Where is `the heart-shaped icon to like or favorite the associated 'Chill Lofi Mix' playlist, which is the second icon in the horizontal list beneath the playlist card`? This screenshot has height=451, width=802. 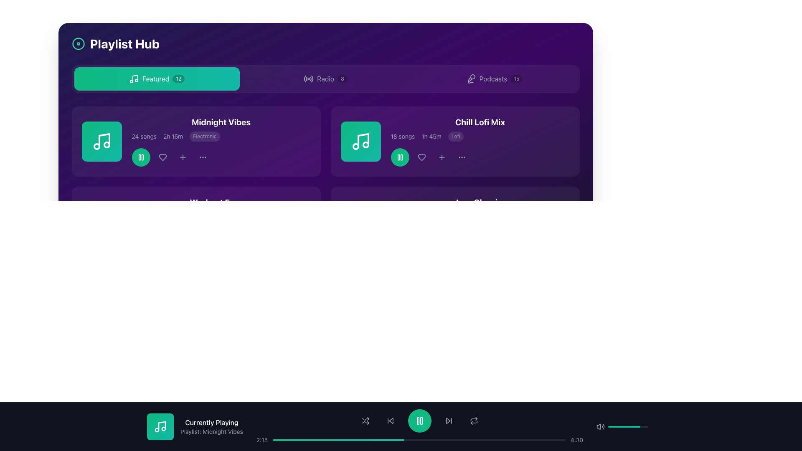
the heart-shaped icon to like or favorite the associated 'Chill Lofi Mix' playlist, which is the second icon in the horizontal list beneath the playlist card is located at coordinates (421, 157).